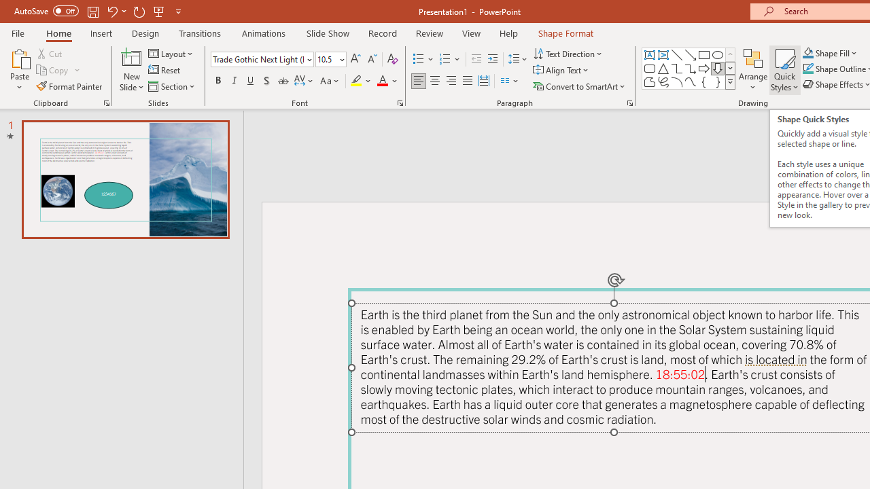 The height and width of the screenshot is (489, 870). I want to click on 'Decrease Font Size', so click(372, 58).